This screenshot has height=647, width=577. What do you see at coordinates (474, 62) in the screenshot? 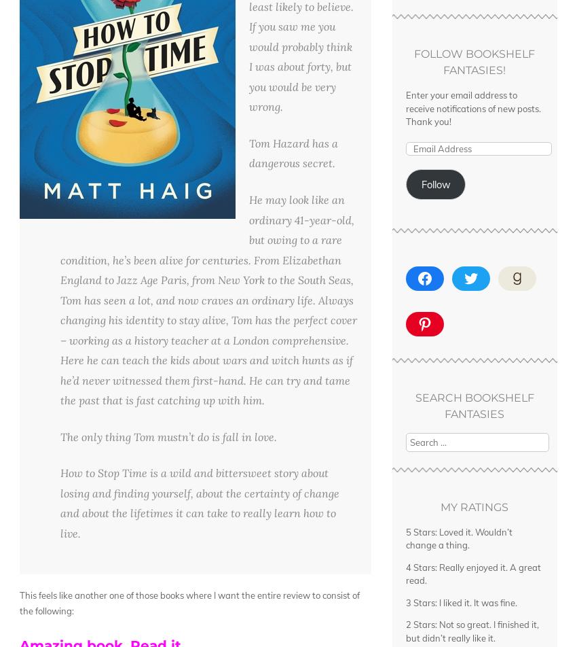
I see `'Follow Bookshelf Fantasies!'` at bounding box center [474, 62].